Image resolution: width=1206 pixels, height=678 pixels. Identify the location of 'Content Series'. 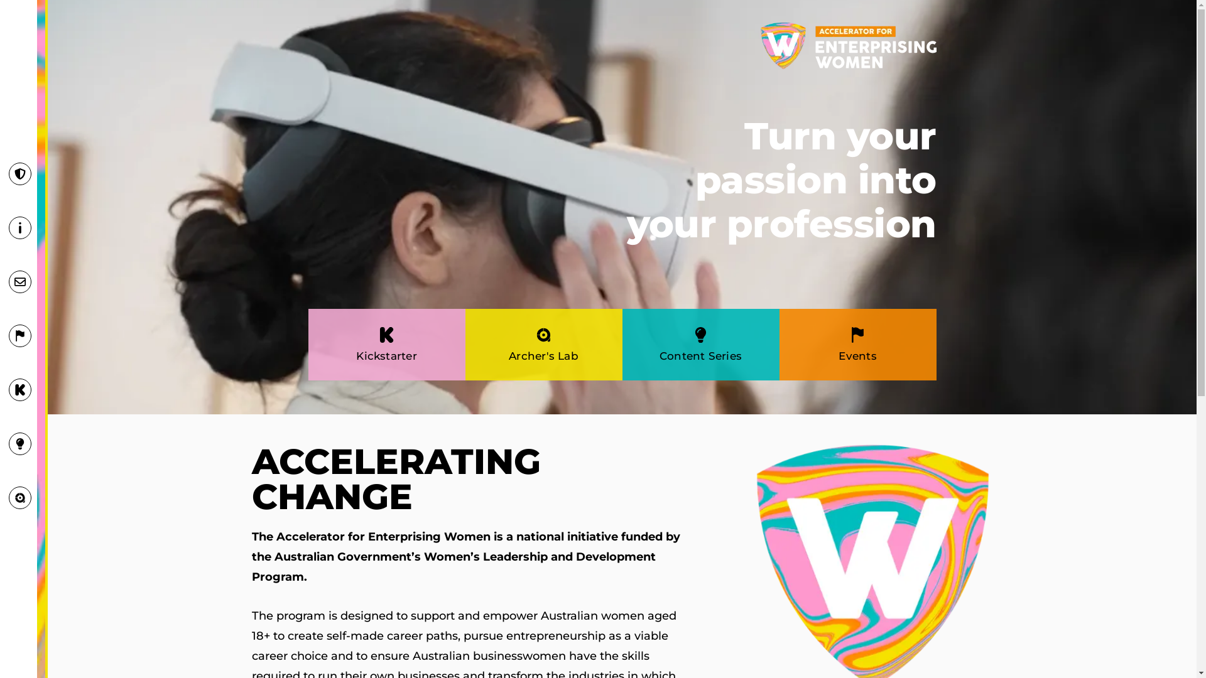
(700, 356).